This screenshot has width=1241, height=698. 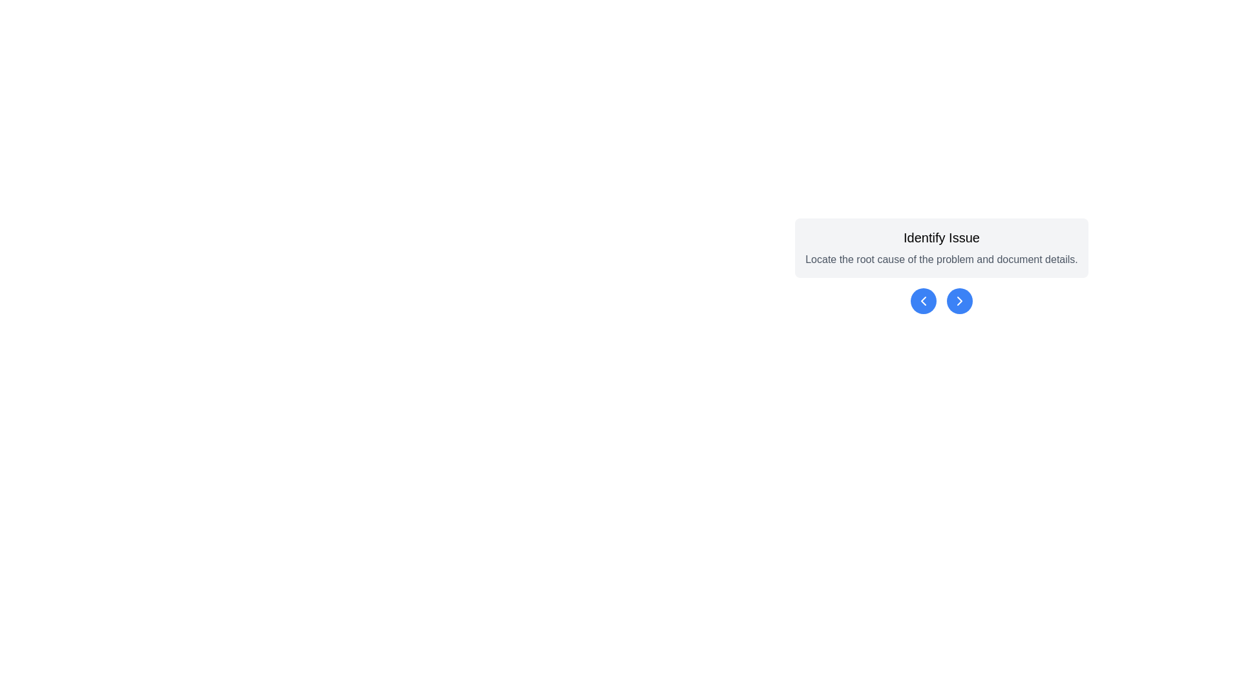 I want to click on the right navigation button located in the bottom-right corner of a horizontal pair of navigation buttons, so click(x=959, y=301).